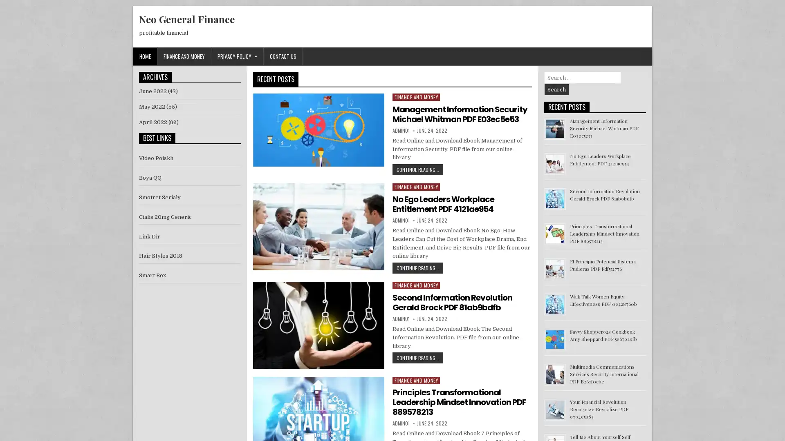 The image size is (785, 441). What do you see at coordinates (556, 89) in the screenshot?
I see `Search` at bounding box center [556, 89].